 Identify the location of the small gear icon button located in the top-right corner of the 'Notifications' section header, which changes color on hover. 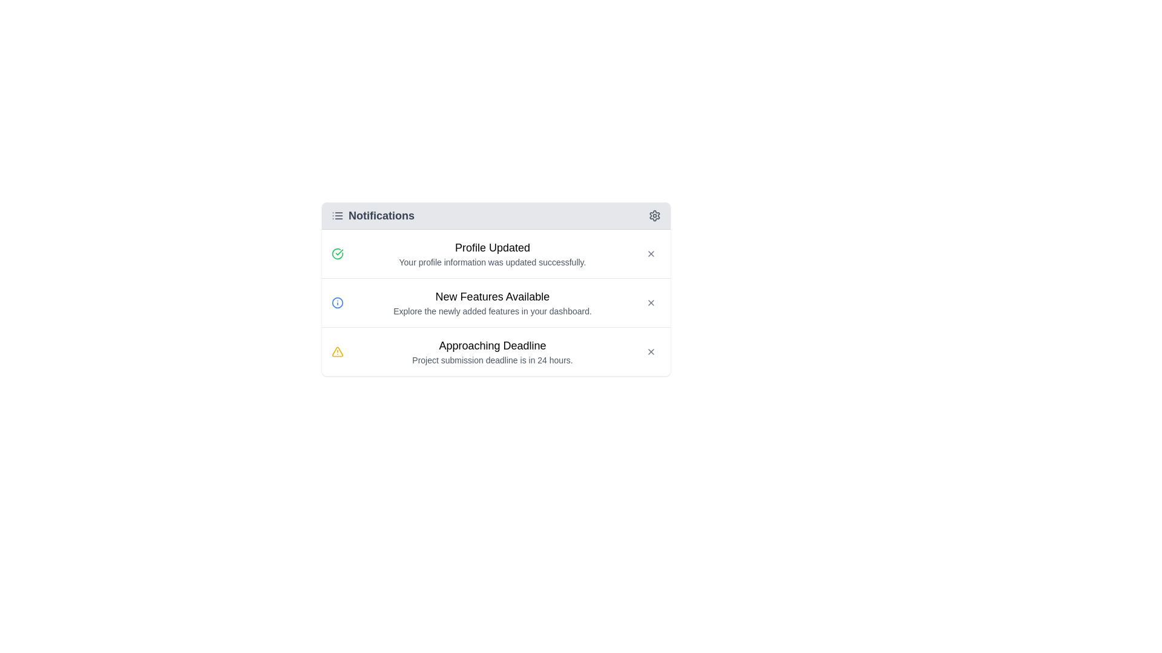
(654, 215).